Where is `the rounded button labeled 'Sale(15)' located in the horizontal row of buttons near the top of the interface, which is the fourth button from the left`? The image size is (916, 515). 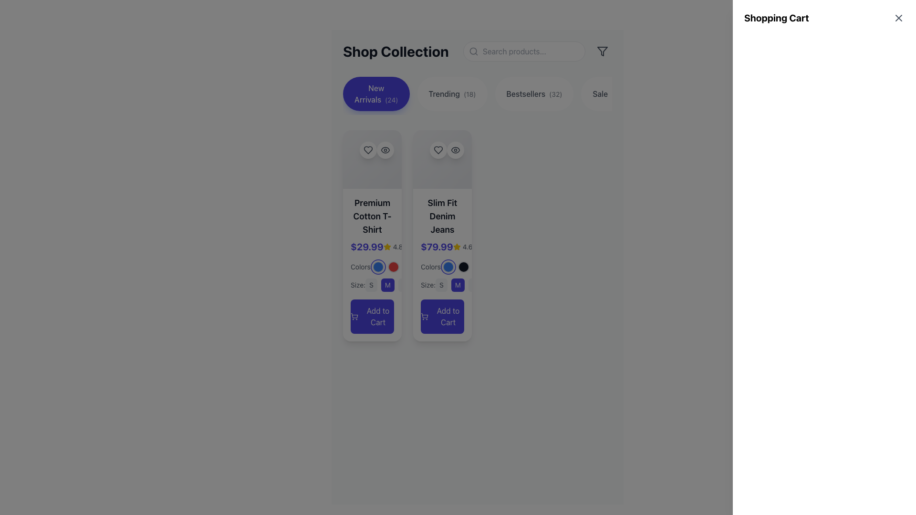 the rounded button labeled 'Sale(15)' located in the horizontal row of buttons near the top of the interface, which is the fourth button from the left is located at coordinates (607, 93).